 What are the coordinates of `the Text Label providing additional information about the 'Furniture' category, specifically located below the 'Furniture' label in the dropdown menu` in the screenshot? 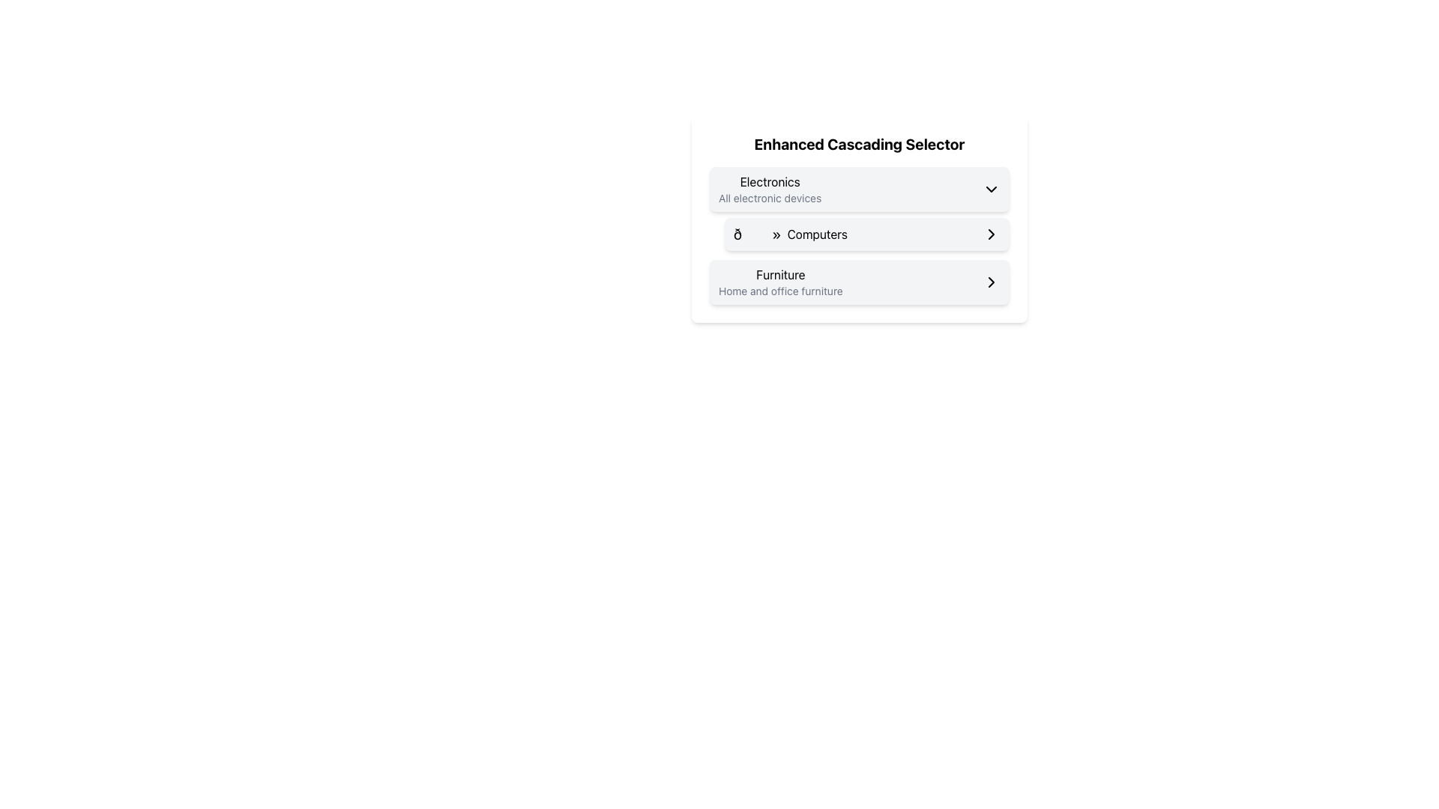 It's located at (779, 291).